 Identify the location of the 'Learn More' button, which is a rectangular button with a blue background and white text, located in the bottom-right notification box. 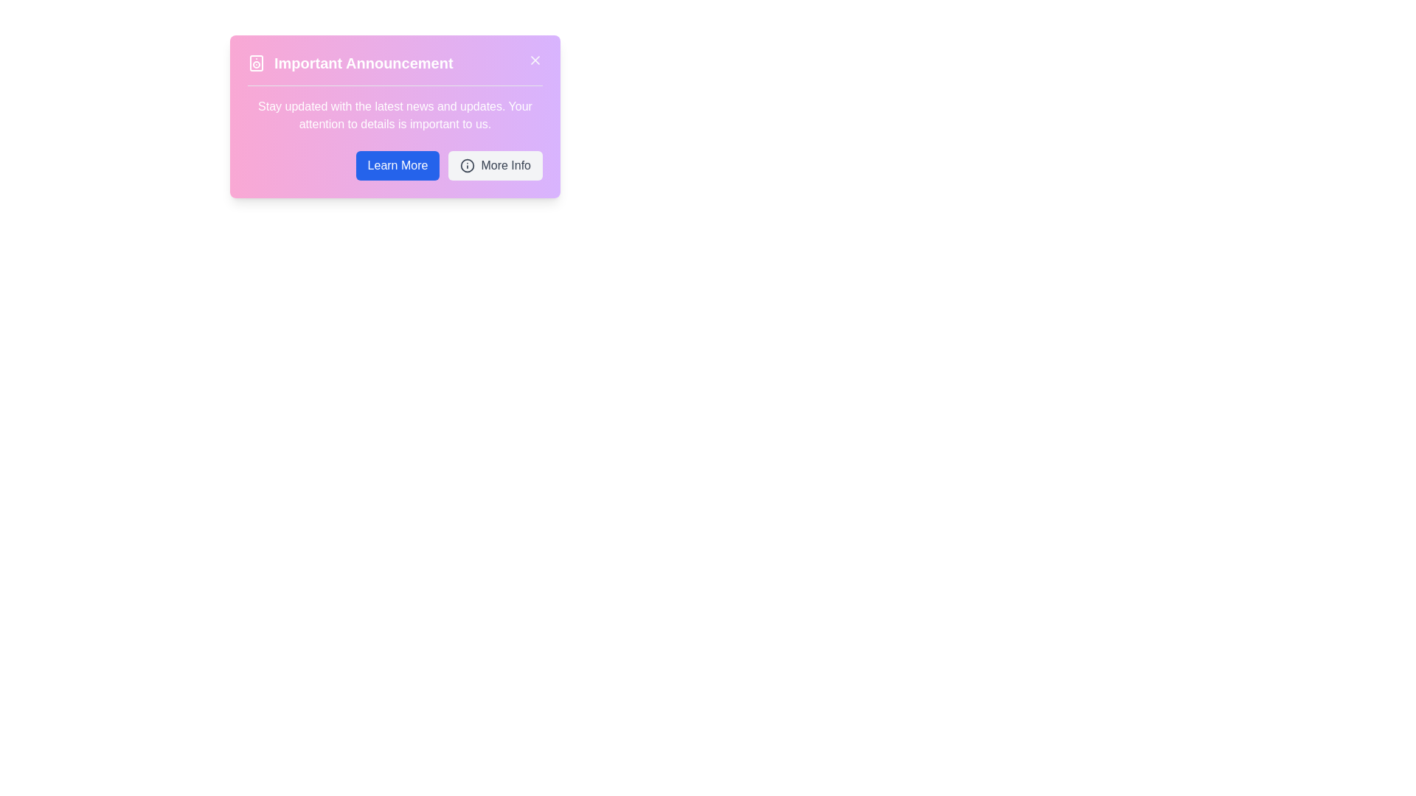
(395, 165).